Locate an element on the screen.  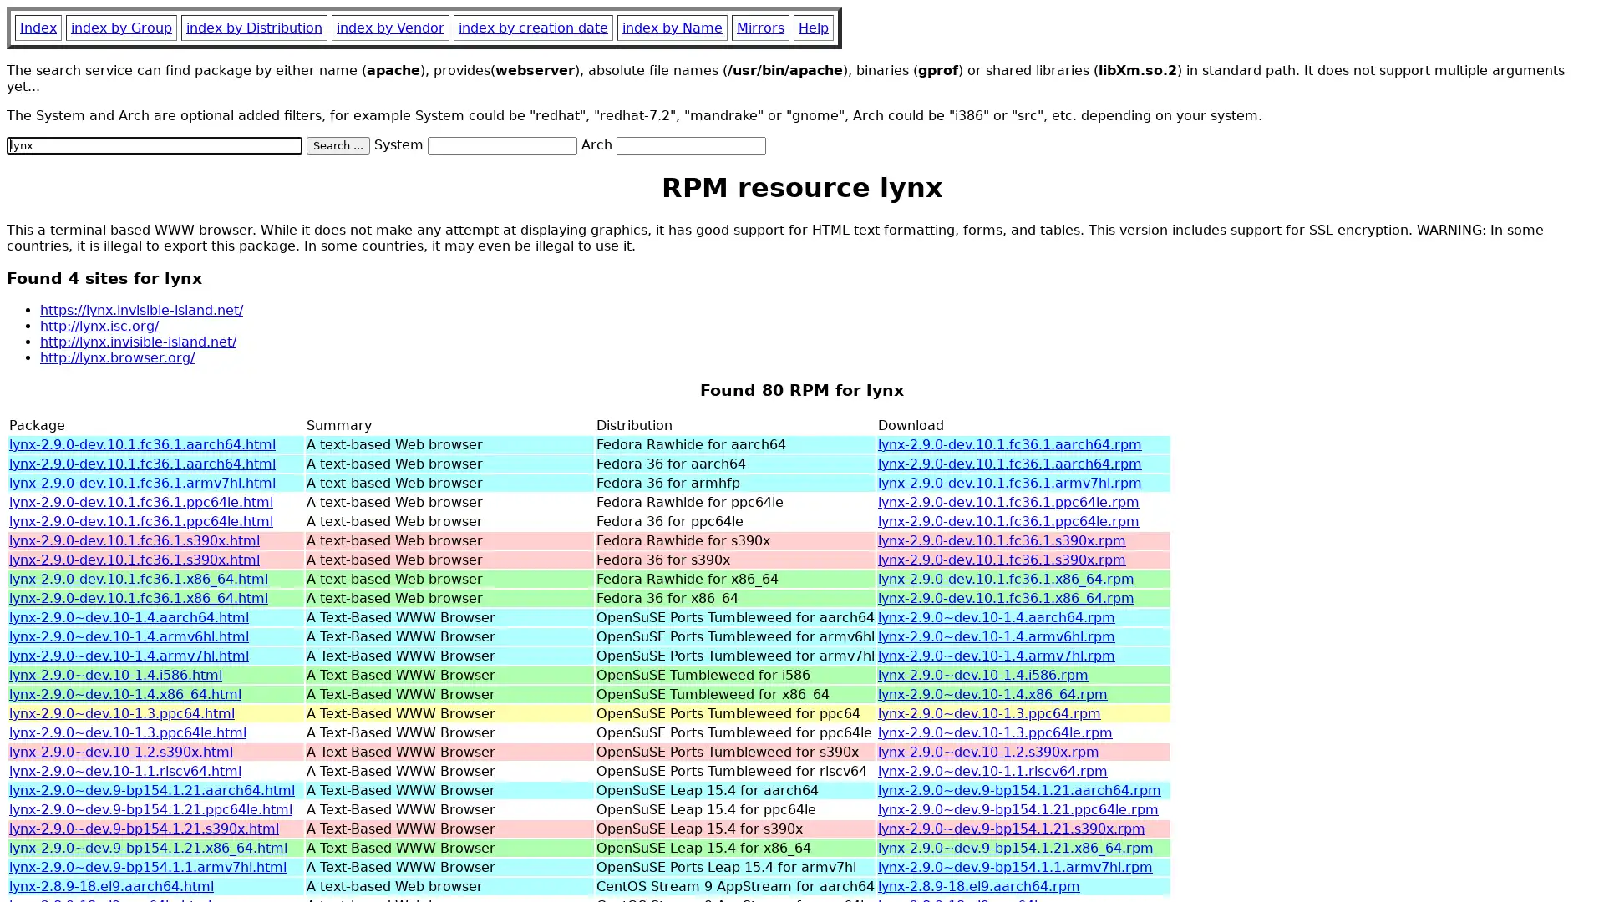
Search ... is located at coordinates (337, 144).